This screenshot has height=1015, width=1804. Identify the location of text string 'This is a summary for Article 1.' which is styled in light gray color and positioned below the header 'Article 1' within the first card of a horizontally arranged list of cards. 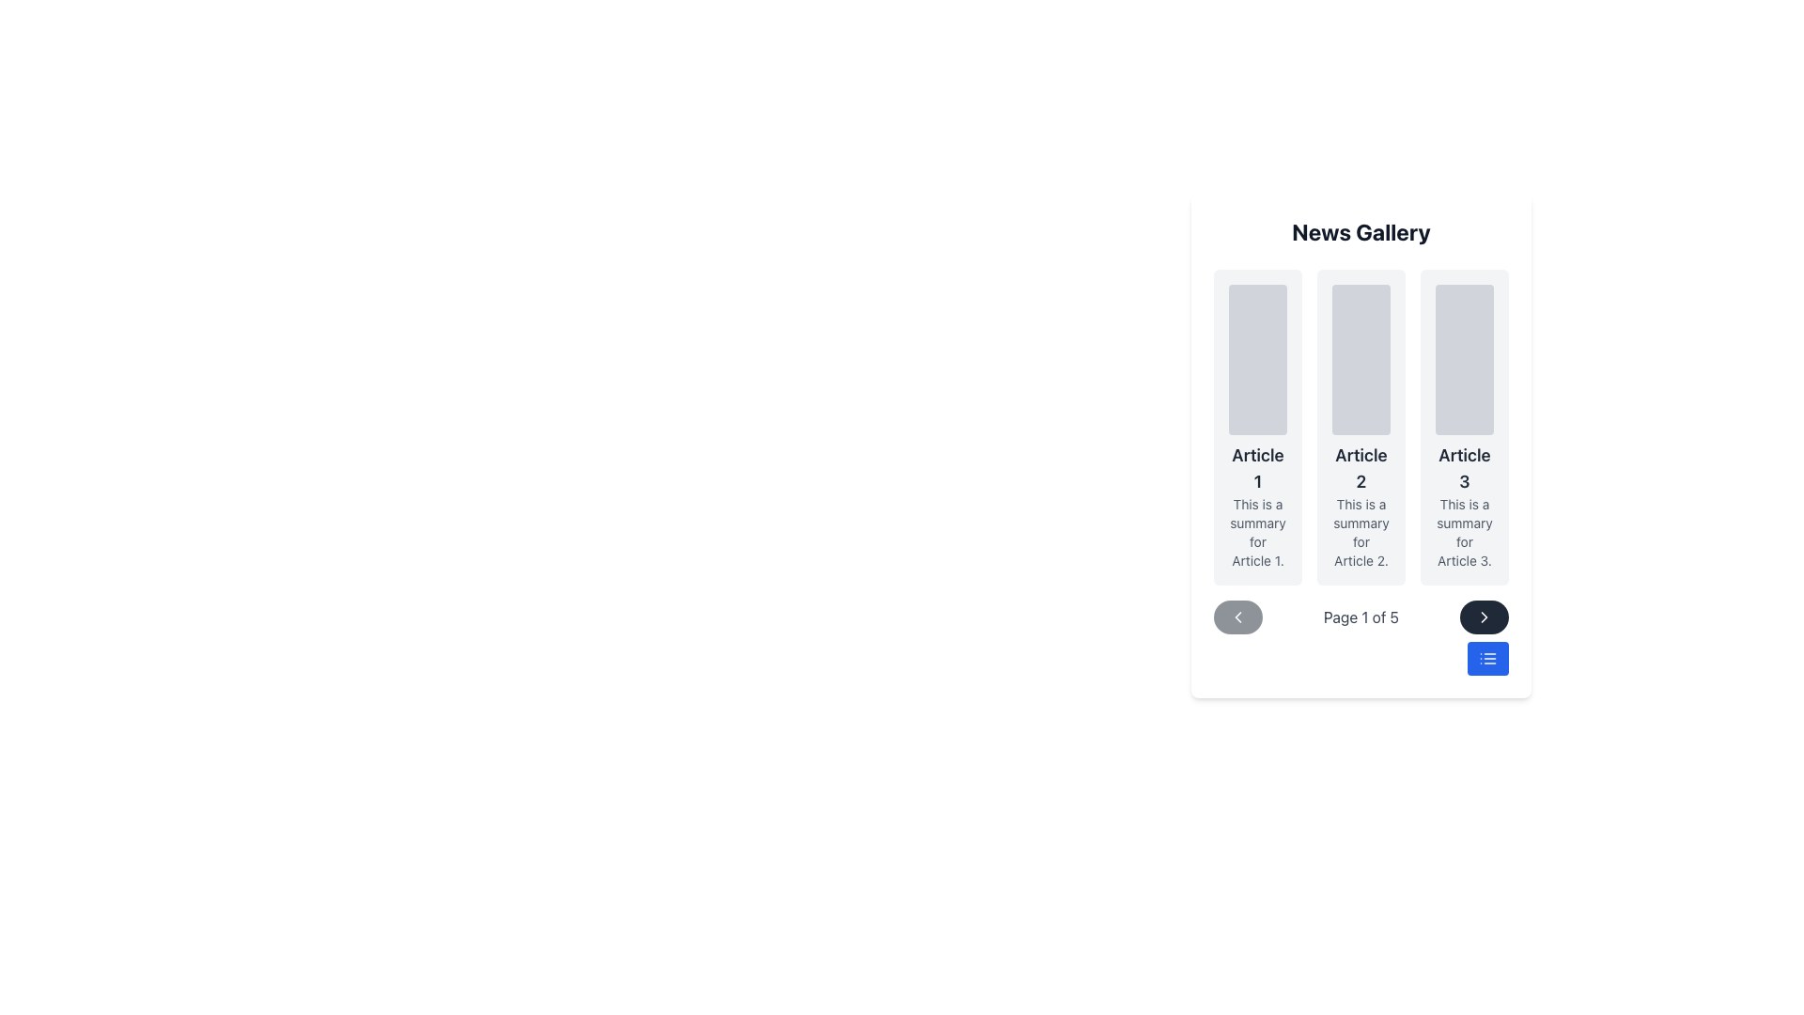
(1258, 533).